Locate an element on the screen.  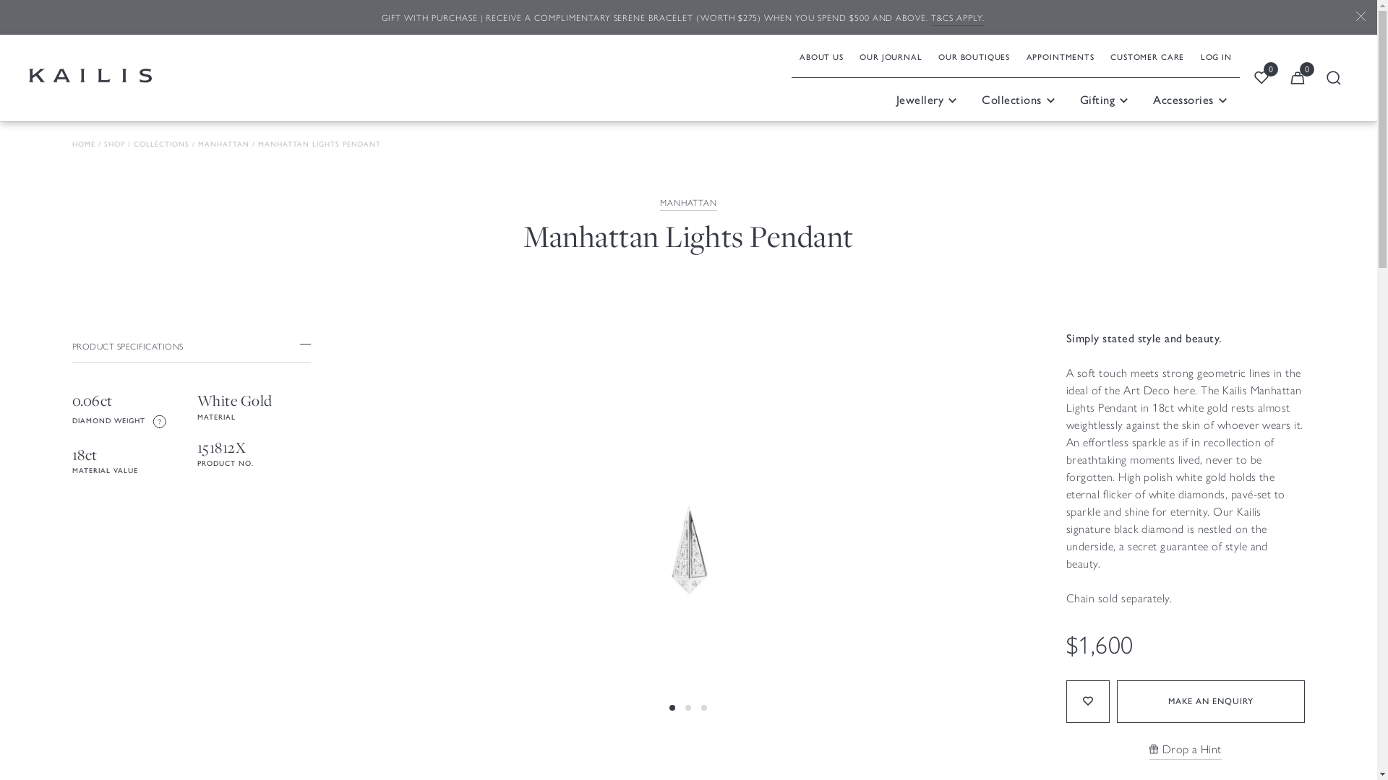
'MANHATTAN' is located at coordinates (197, 144).